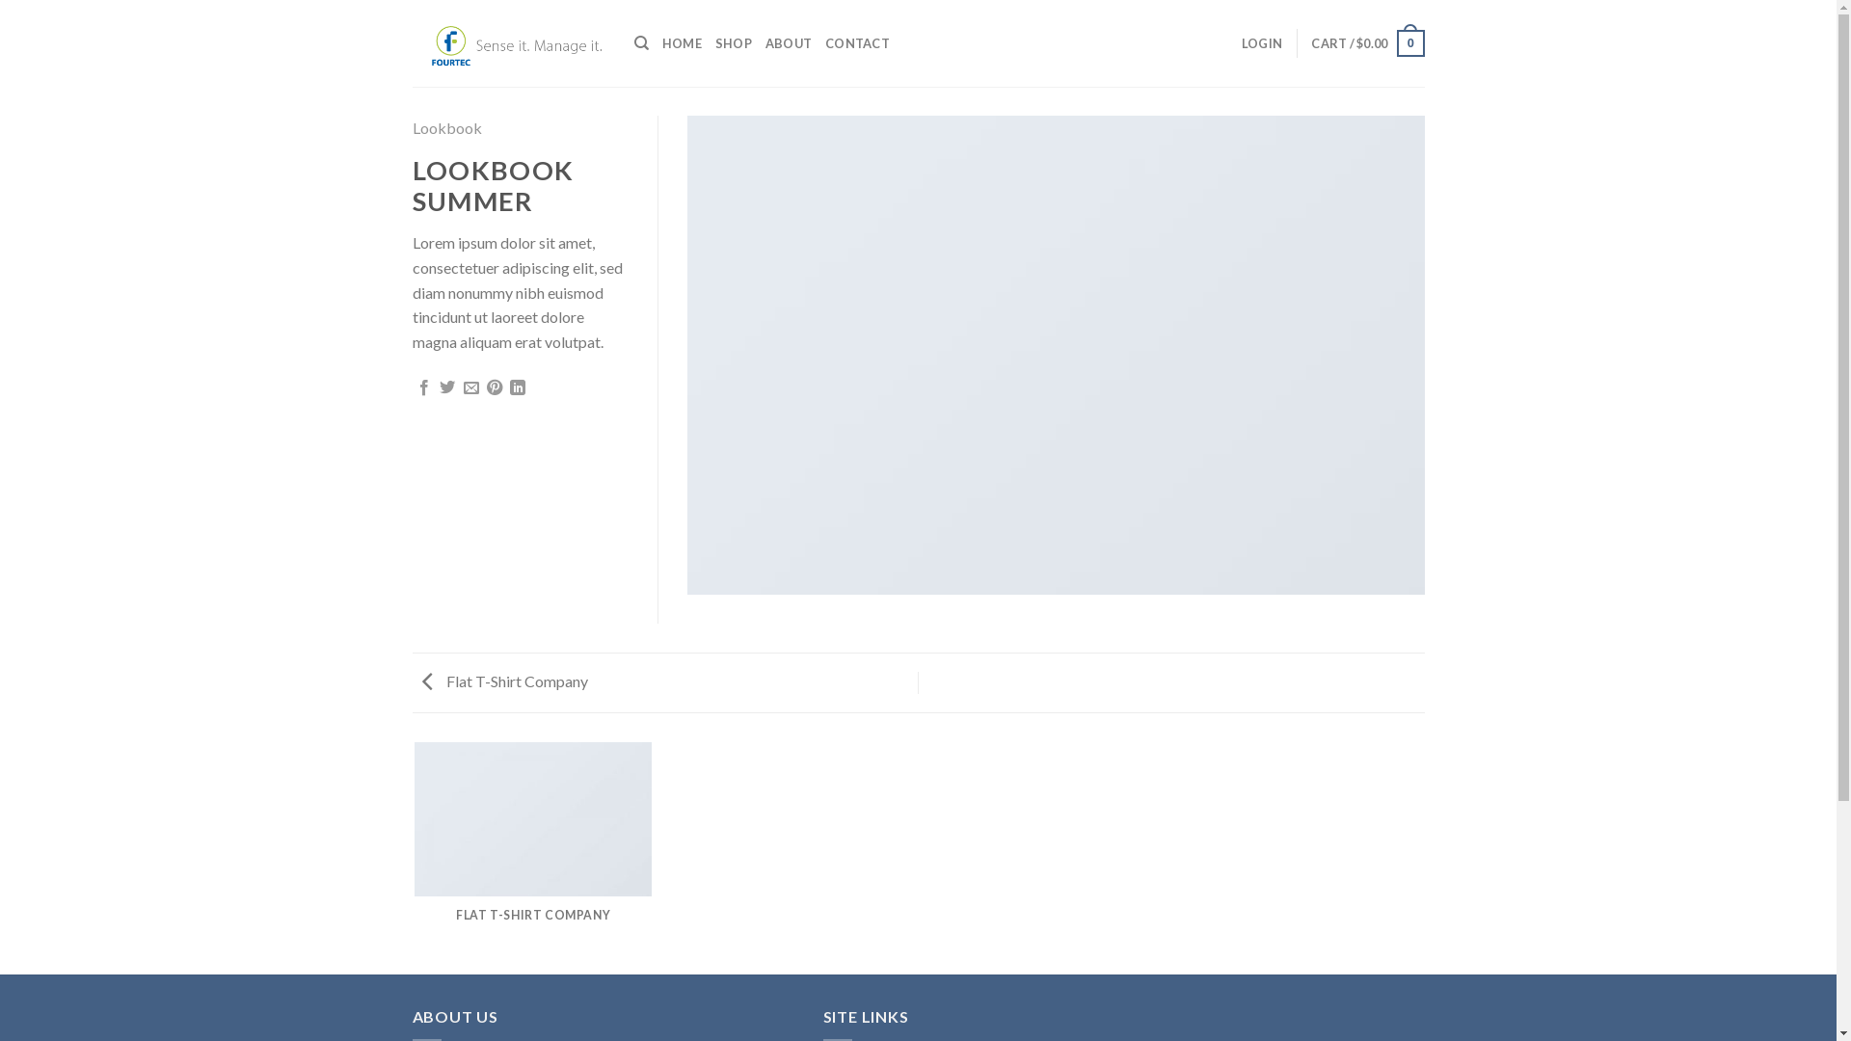 Image resolution: width=1851 pixels, height=1041 pixels. What do you see at coordinates (733, 43) in the screenshot?
I see `'SHOP'` at bounding box center [733, 43].